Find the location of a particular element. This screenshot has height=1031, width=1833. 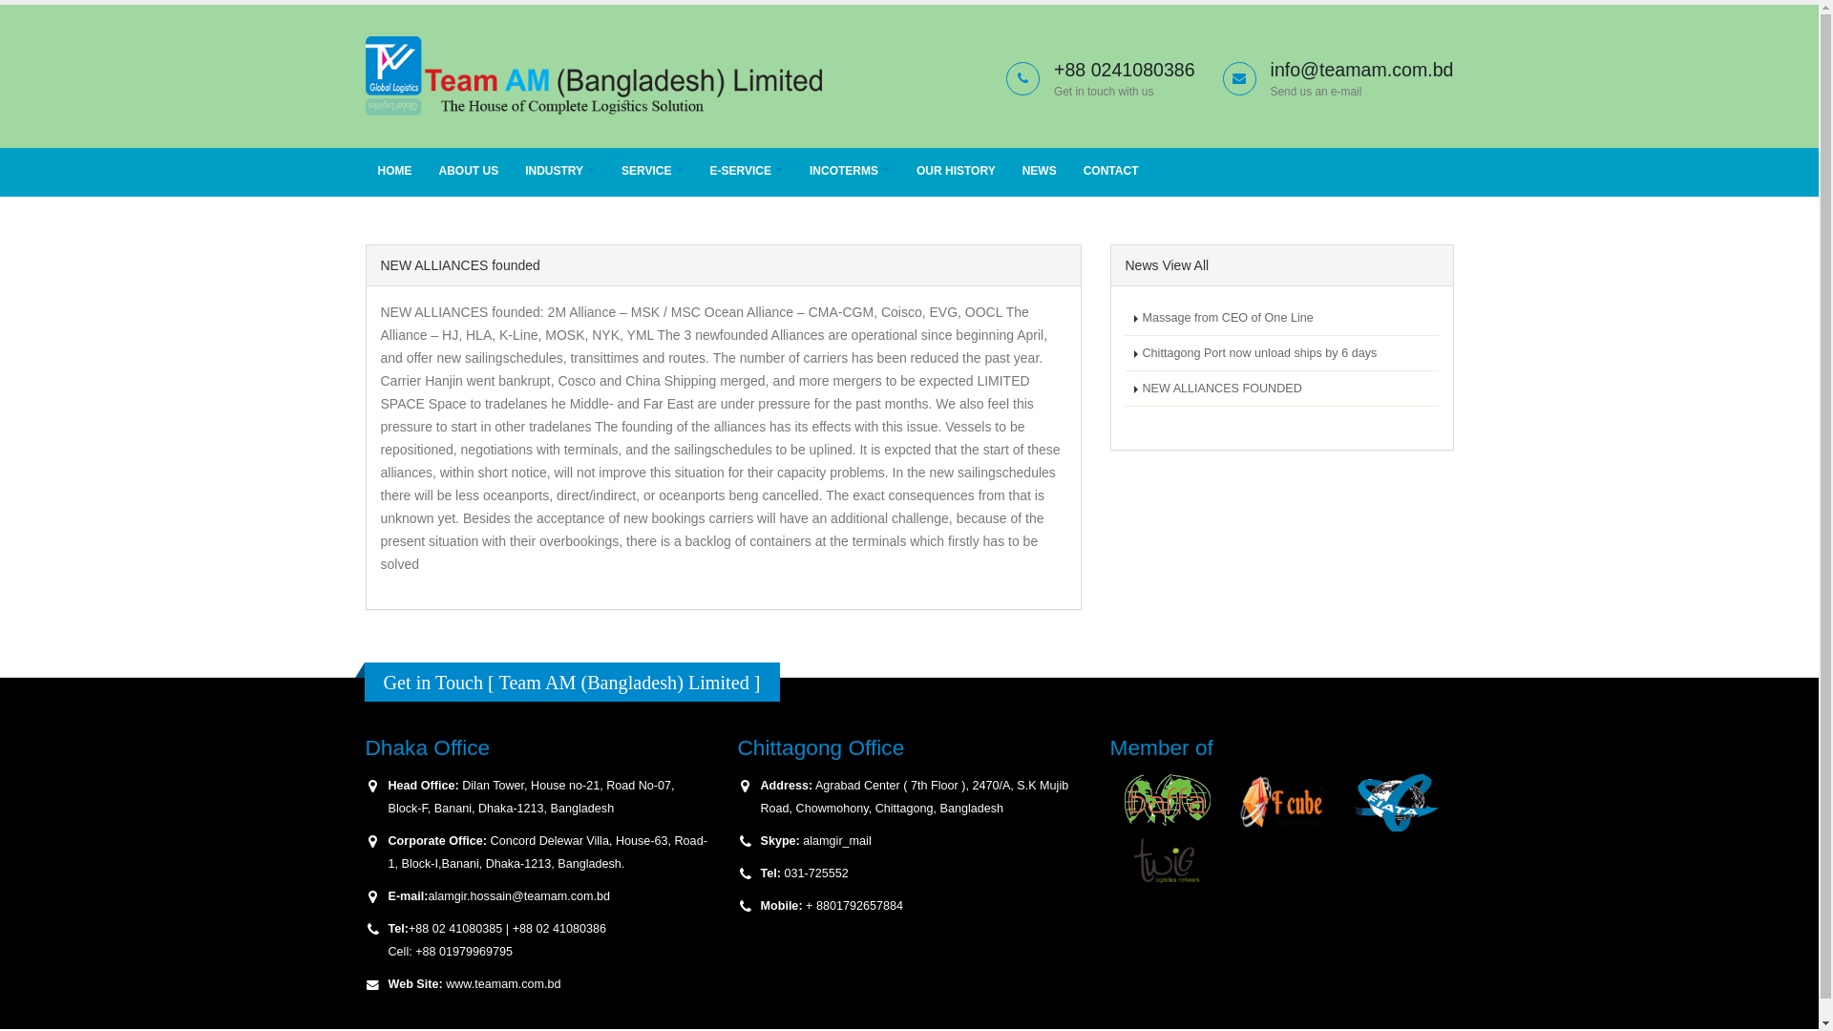

'SERVICE' is located at coordinates (651, 169).